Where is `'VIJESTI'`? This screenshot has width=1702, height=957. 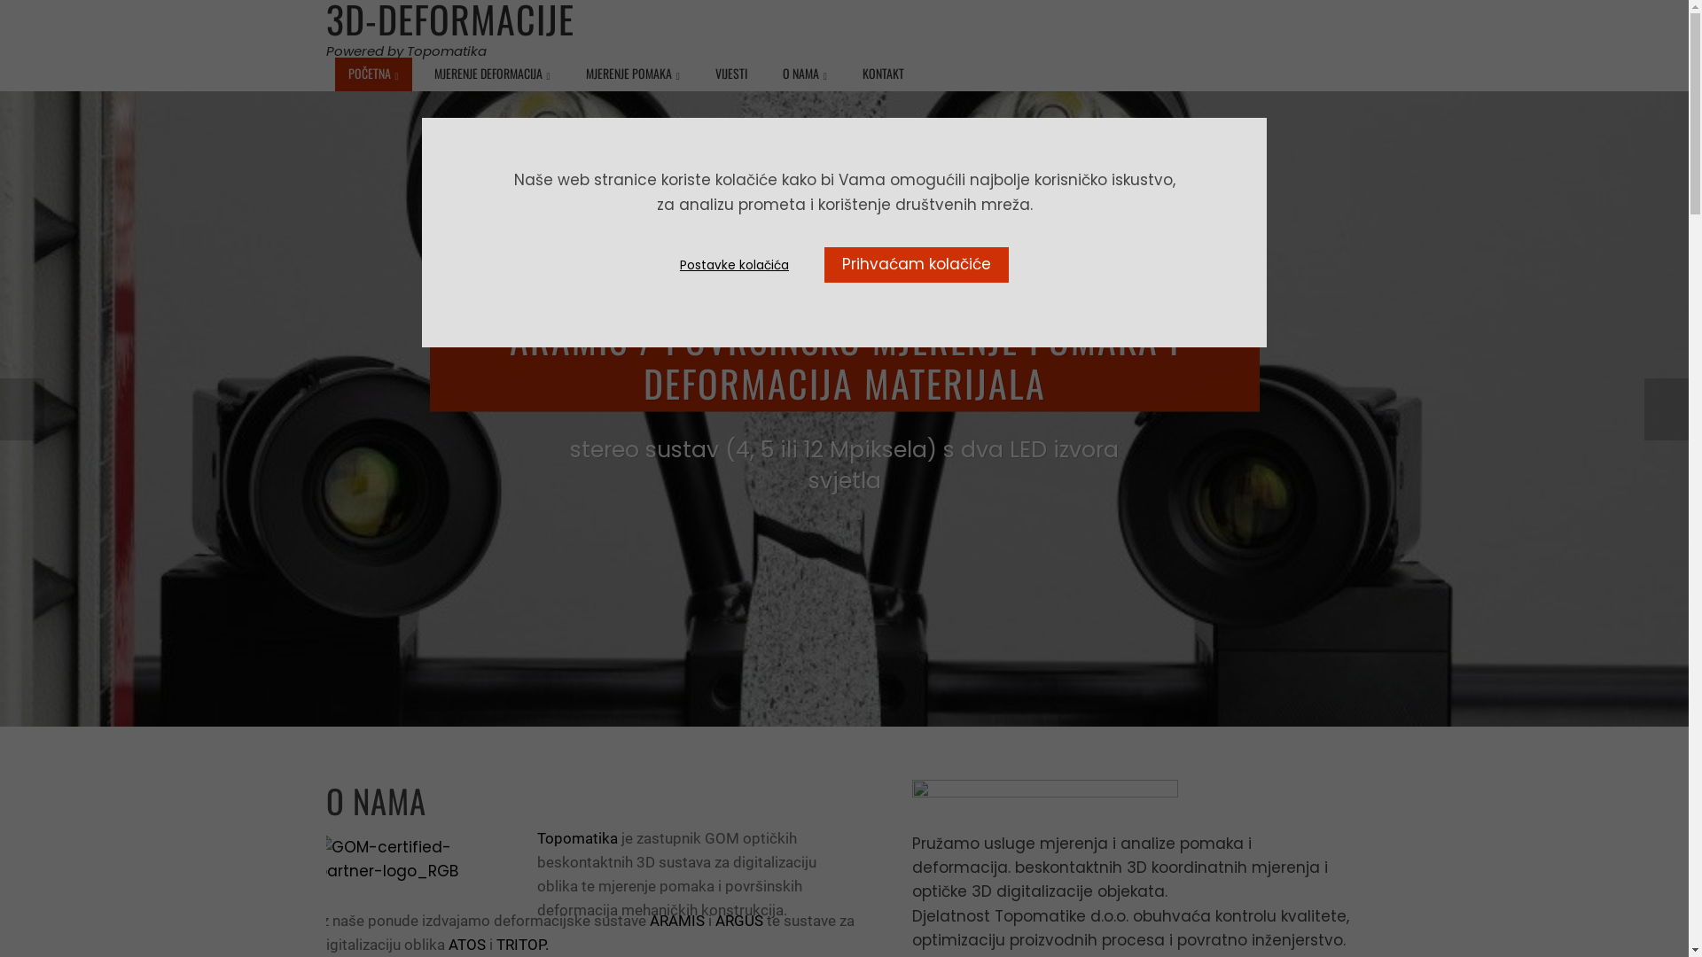
'VIJESTI' is located at coordinates (731, 73).